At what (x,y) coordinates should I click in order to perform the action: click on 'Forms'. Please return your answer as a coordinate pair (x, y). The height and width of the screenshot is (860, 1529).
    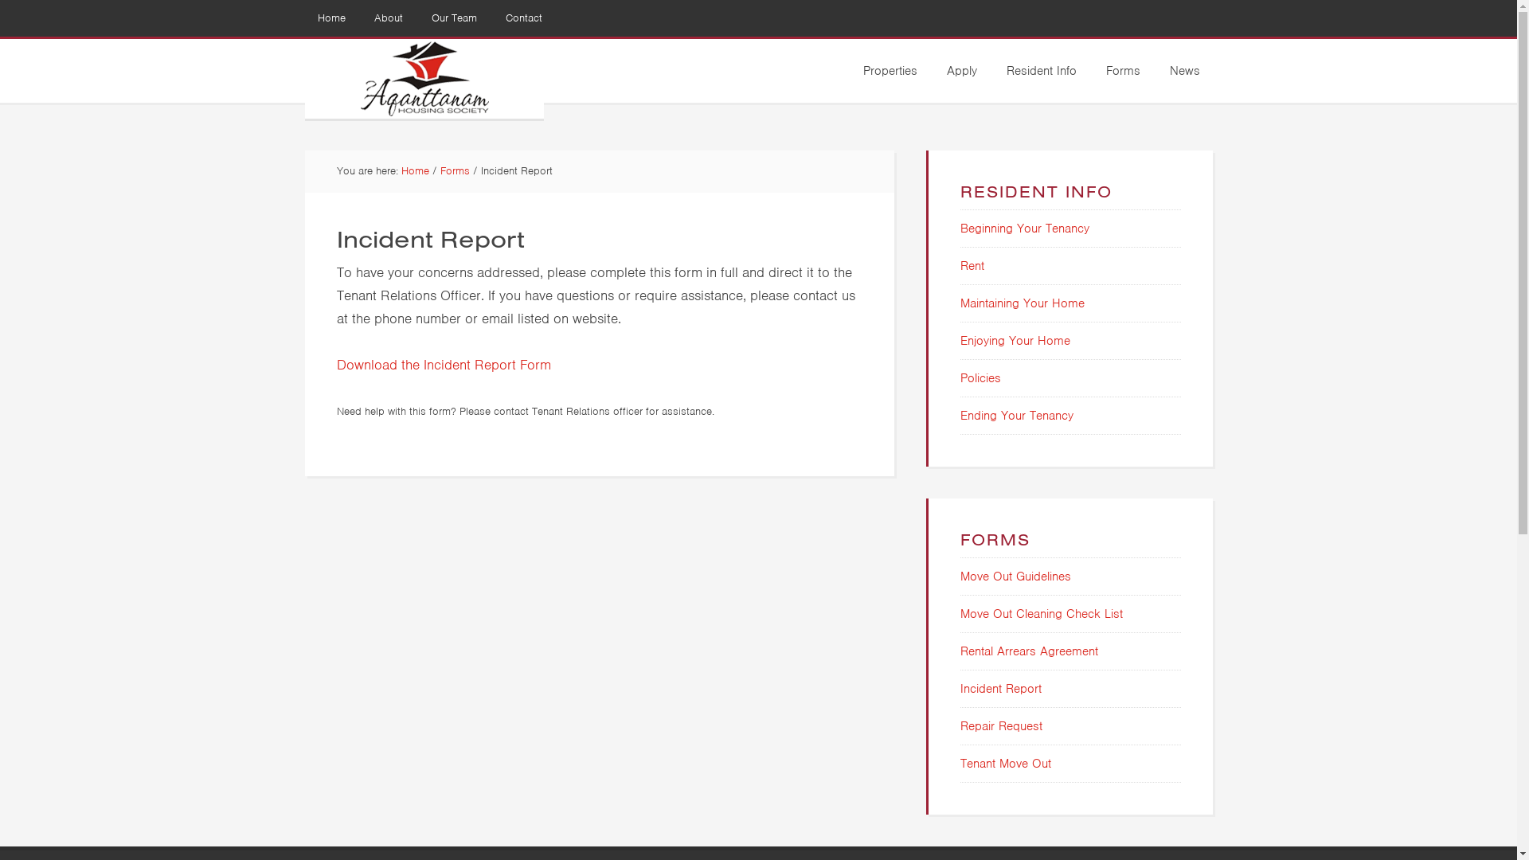
    Looking at the image, I should click on (1121, 69).